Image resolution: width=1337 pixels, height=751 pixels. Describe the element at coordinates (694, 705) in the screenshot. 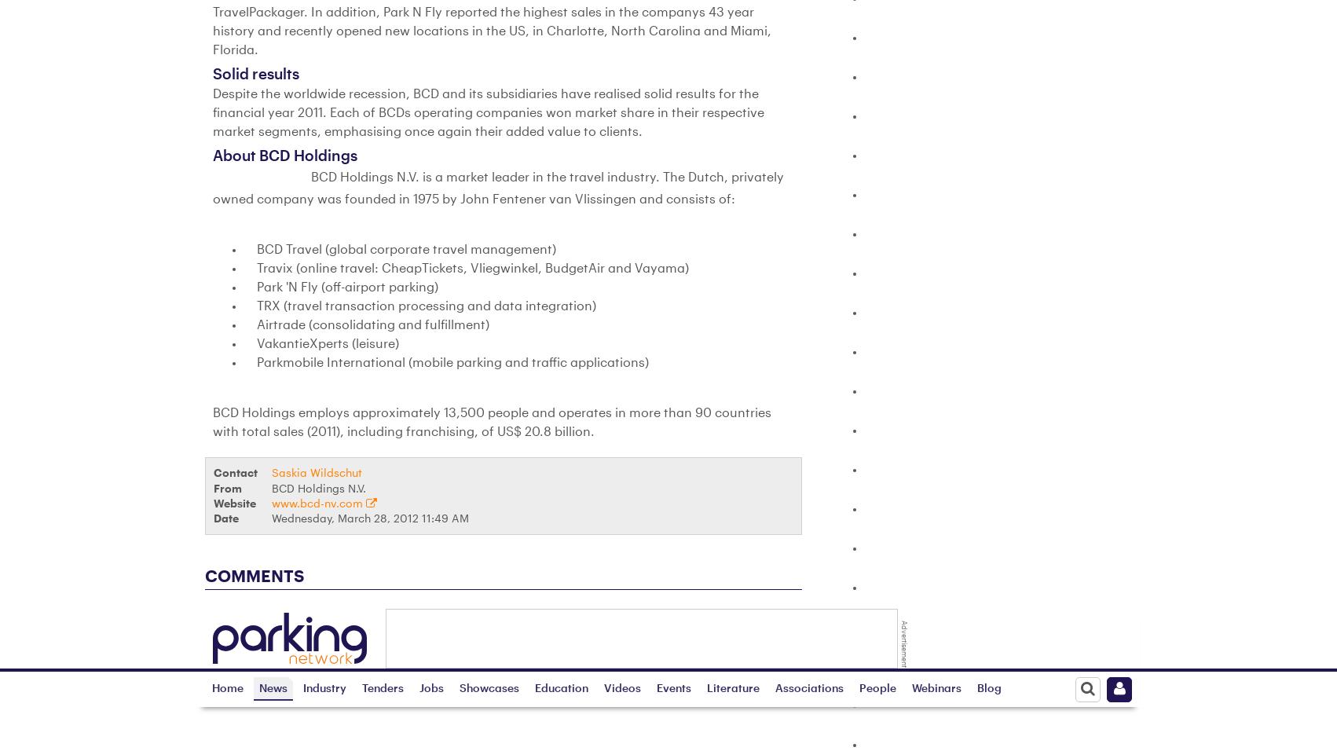

I see `'Testimonials'` at that location.